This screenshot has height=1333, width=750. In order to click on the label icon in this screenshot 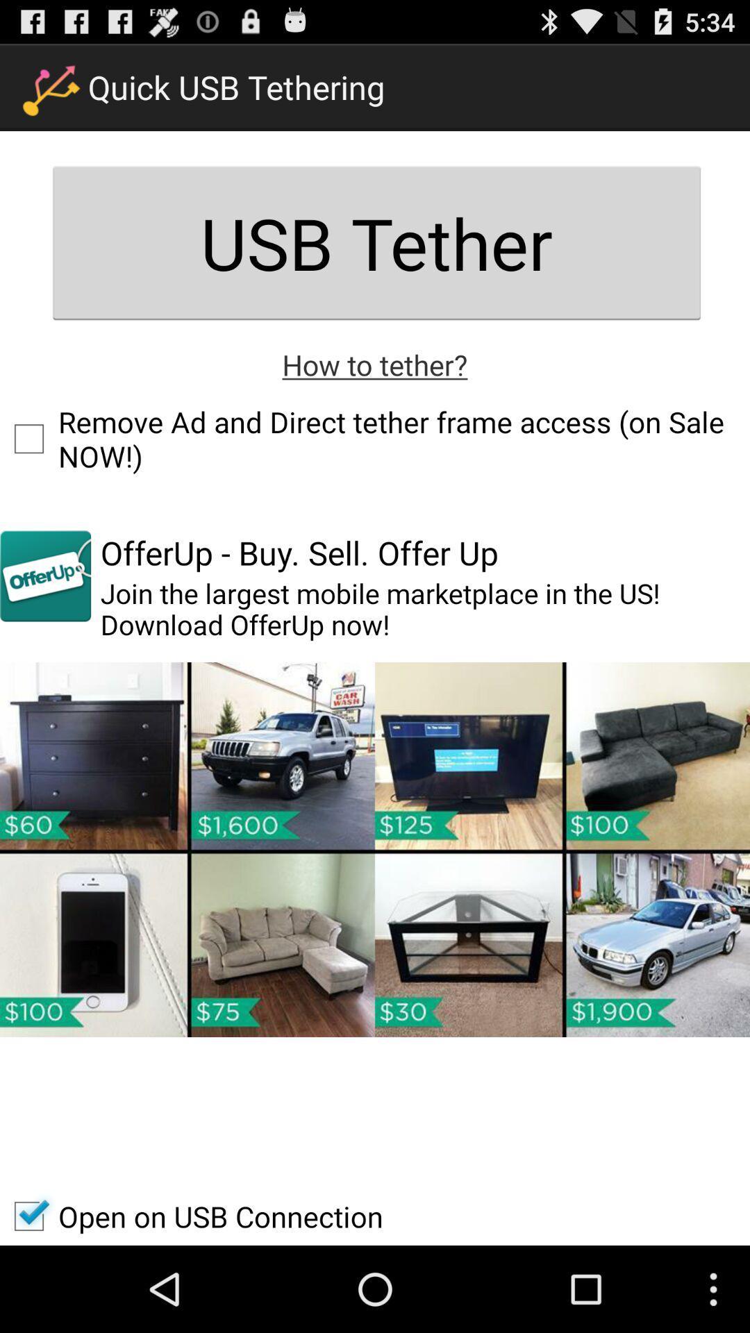, I will do `click(44, 616)`.